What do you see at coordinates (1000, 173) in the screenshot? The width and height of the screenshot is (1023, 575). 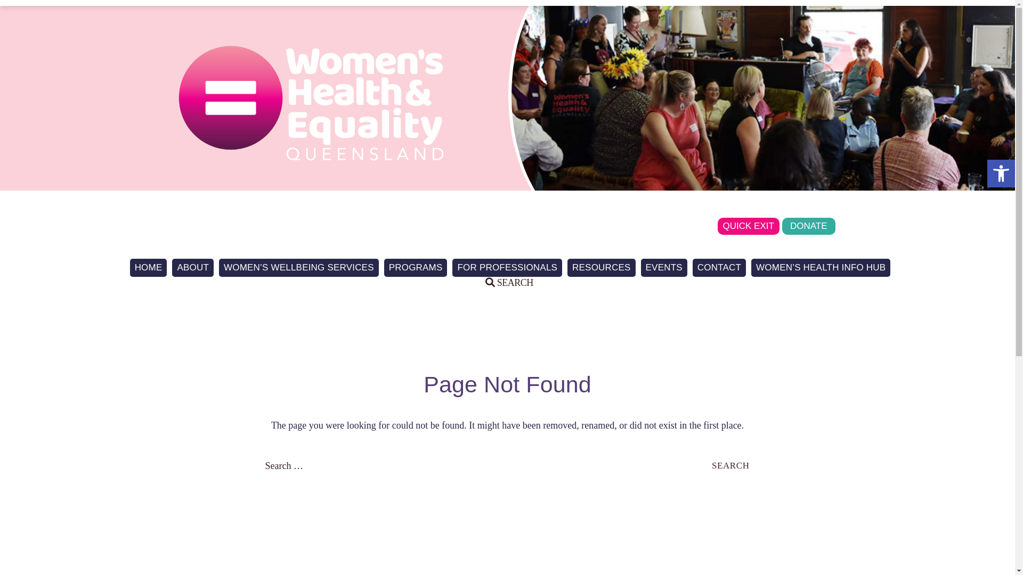 I see `'Open toolbar'` at bounding box center [1000, 173].